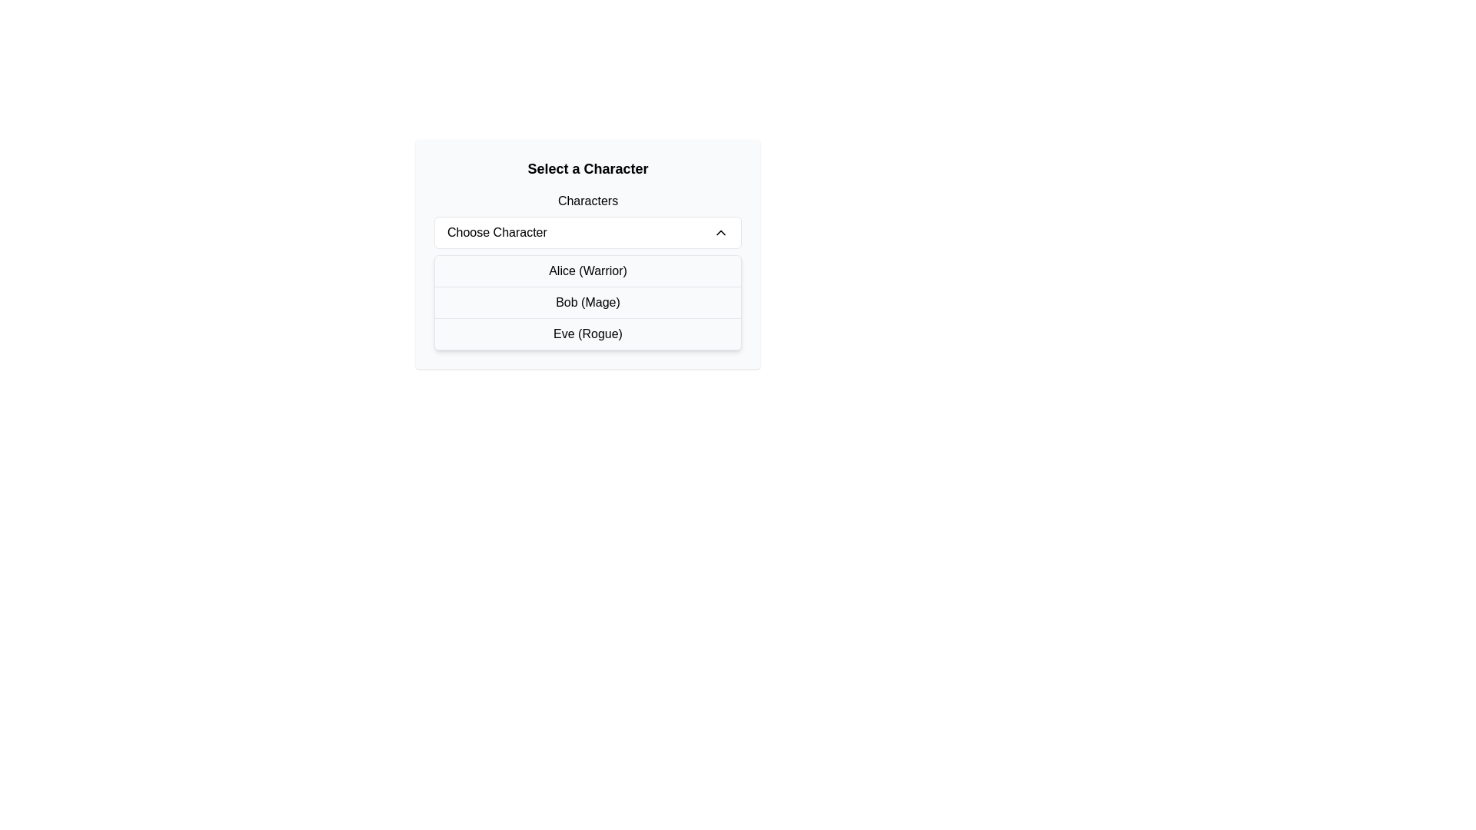 Image resolution: width=1476 pixels, height=830 pixels. Describe the element at coordinates (587, 254) in the screenshot. I see `the dropdown list` at that location.